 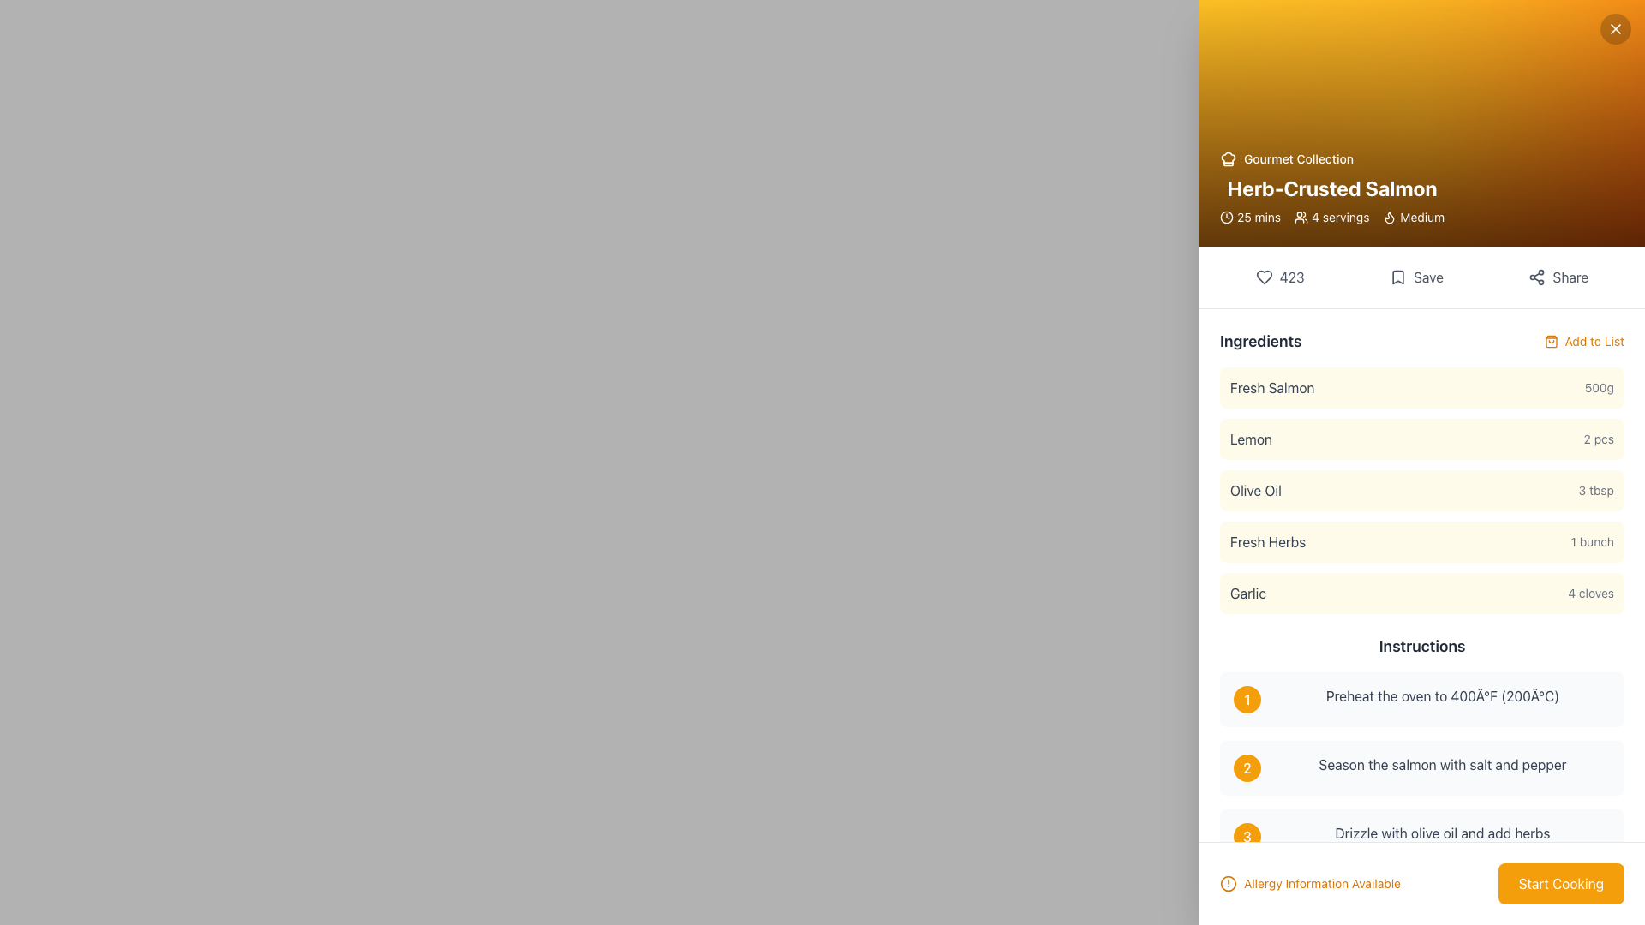 What do you see at coordinates (1442, 835) in the screenshot?
I see `the Text Label that reads 'Drizzle with olive oil and add herbs,' styled in gray font, positioned below the instruction 'Season the salmon with salt and pepper.'` at bounding box center [1442, 835].